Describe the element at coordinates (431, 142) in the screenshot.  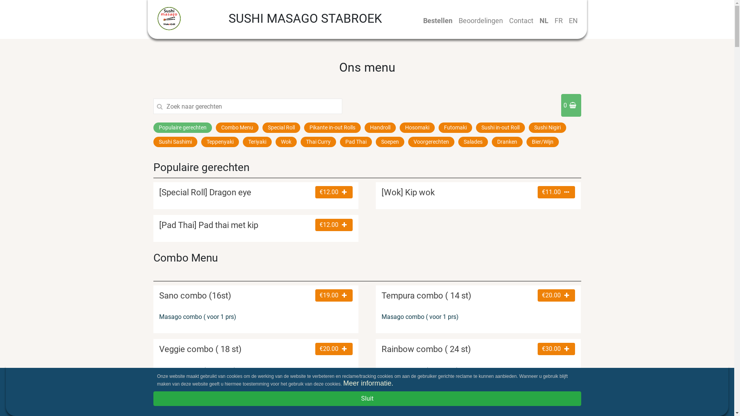
I see `'Voorgerechten'` at that location.